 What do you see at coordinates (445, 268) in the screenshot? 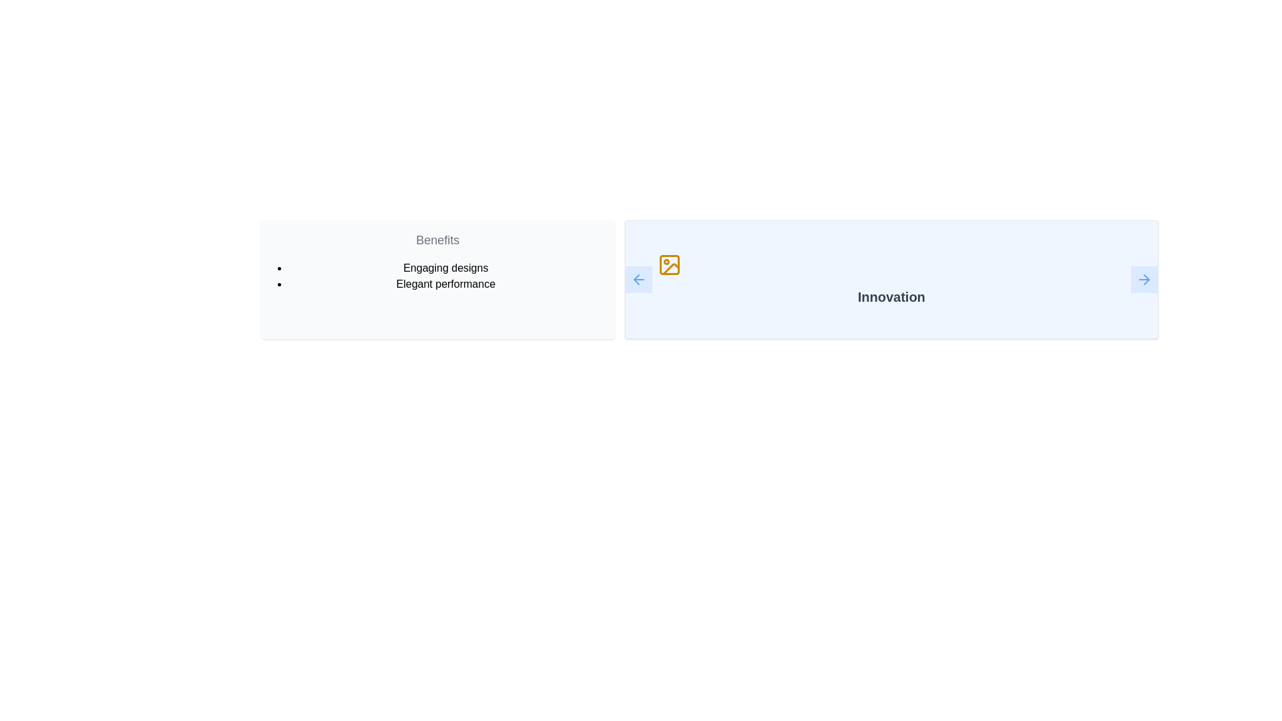
I see `the first item in the bulleted list under the header 'Benefits' that describes 'Engaging designs'` at bounding box center [445, 268].